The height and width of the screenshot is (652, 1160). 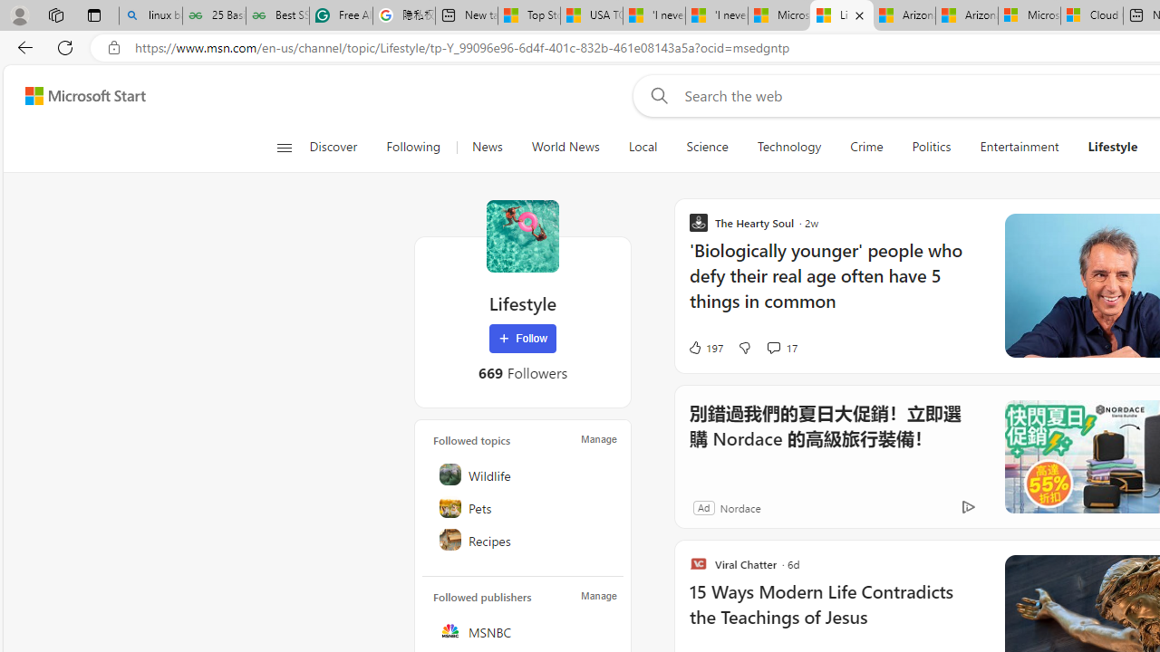 What do you see at coordinates (789, 147) in the screenshot?
I see `'Technology'` at bounding box center [789, 147].